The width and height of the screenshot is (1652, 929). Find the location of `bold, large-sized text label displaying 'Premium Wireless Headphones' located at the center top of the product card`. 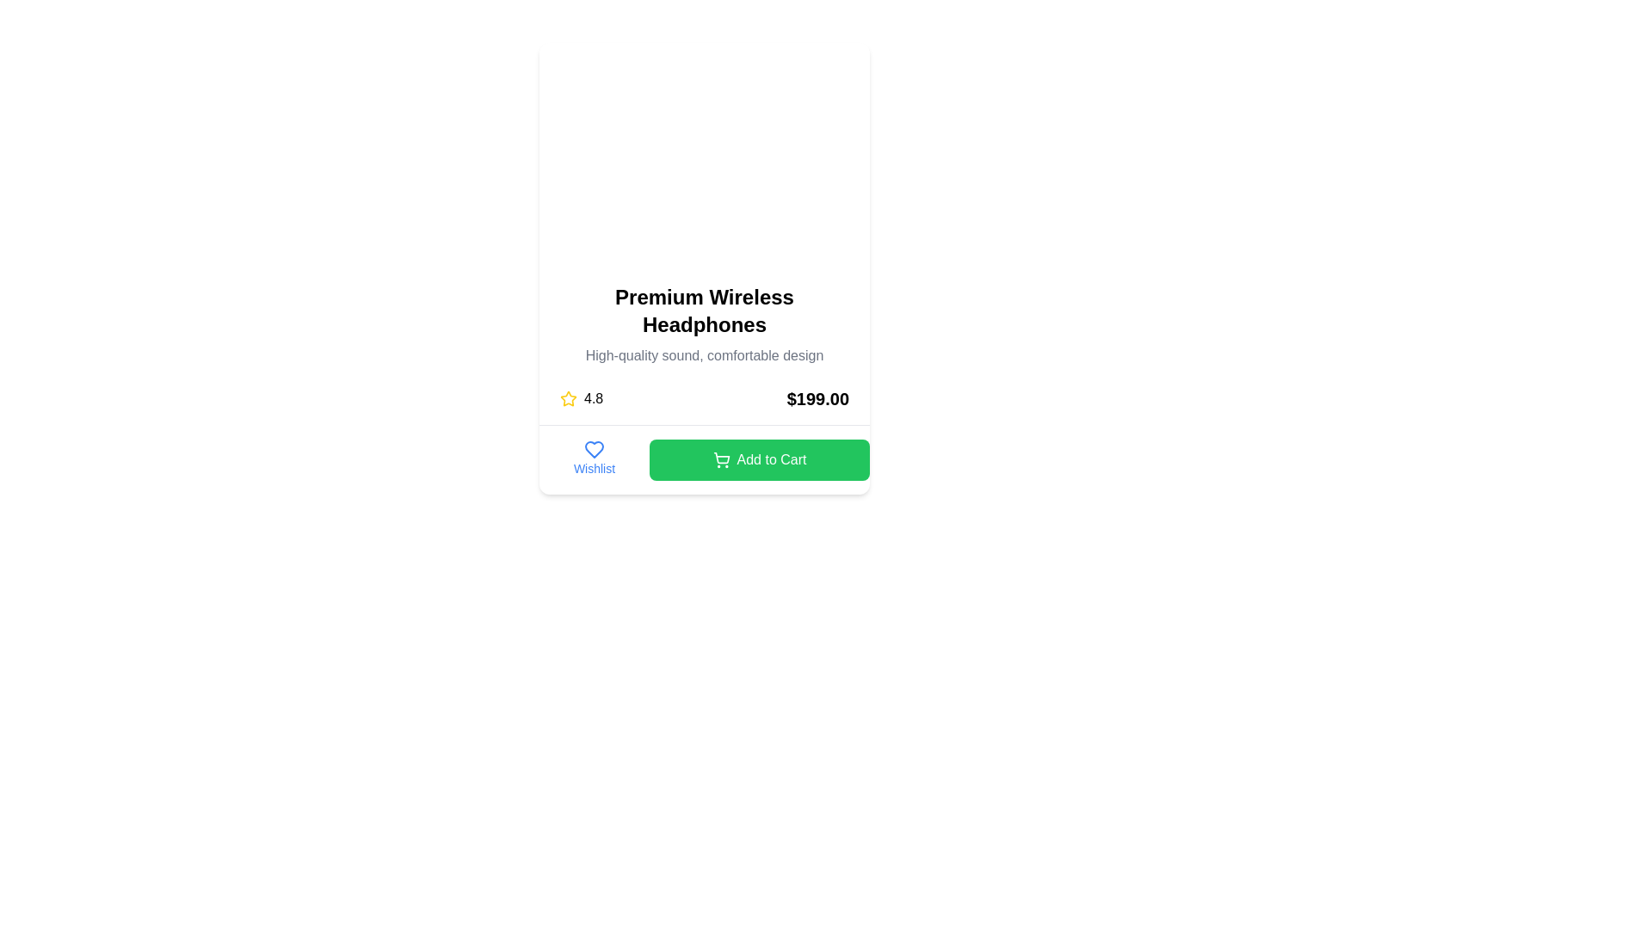

bold, large-sized text label displaying 'Premium Wireless Headphones' located at the center top of the product card is located at coordinates (705, 311).